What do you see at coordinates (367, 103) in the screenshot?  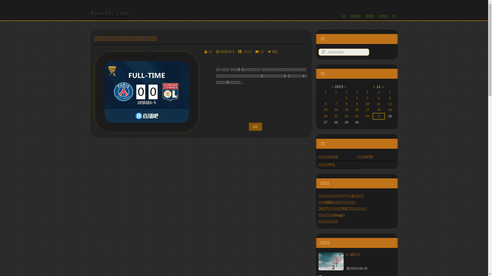 I see `'10'` at bounding box center [367, 103].